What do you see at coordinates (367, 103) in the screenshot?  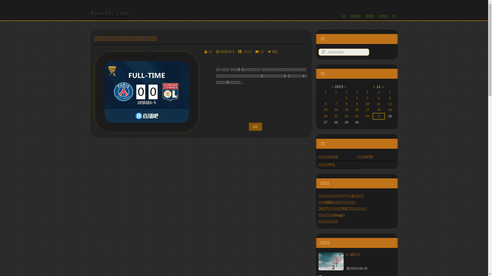 I see `'10'` at bounding box center [367, 103].